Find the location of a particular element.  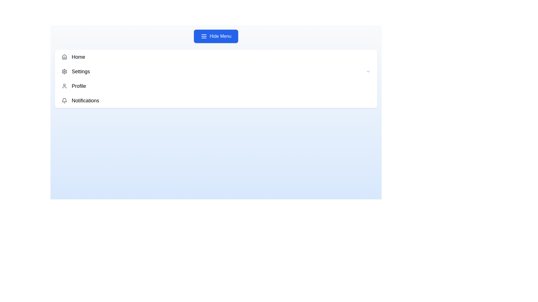

the visual state of the bell icon indicating notifications, located in the bottom right corner of the navigation menu is located at coordinates (64, 100).